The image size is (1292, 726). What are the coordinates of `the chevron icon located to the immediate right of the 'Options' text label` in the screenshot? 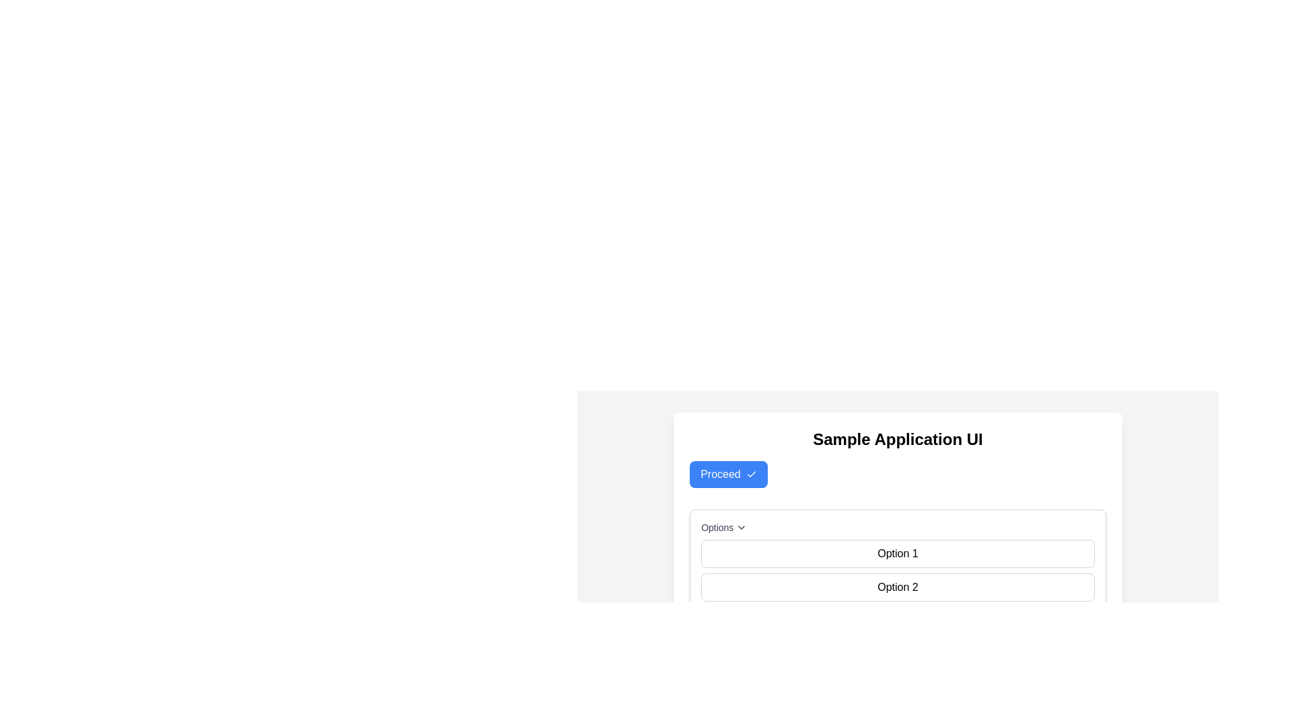 It's located at (741, 527).